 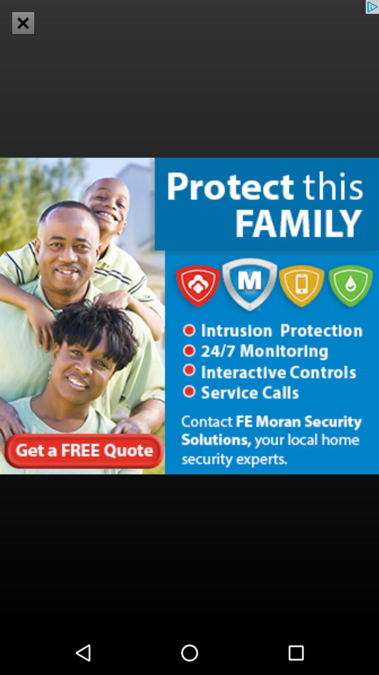 What do you see at coordinates (22, 25) in the screenshot?
I see `the close icon` at bounding box center [22, 25].